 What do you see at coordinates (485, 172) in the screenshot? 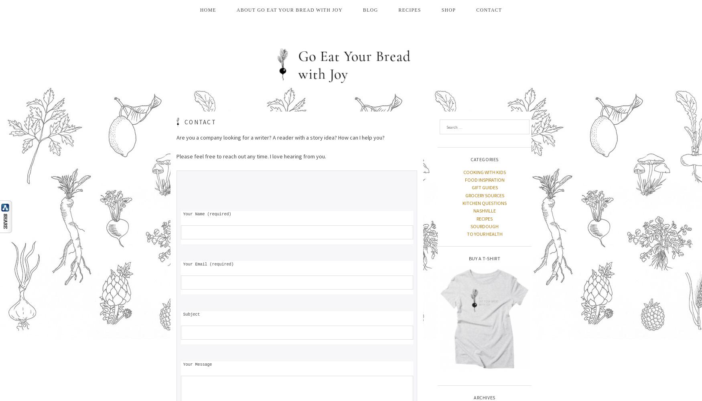
I see `'COOKING WITH KIDS'` at bounding box center [485, 172].